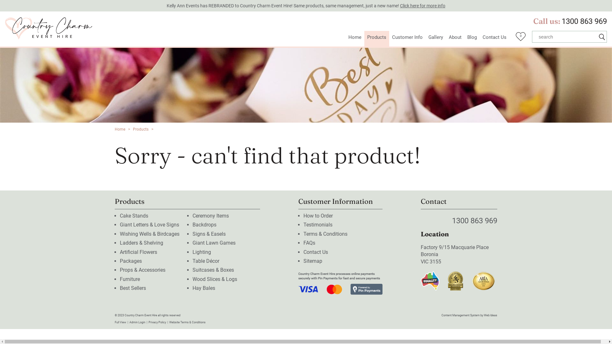  I want to click on 'Hay Bales', so click(192, 288).